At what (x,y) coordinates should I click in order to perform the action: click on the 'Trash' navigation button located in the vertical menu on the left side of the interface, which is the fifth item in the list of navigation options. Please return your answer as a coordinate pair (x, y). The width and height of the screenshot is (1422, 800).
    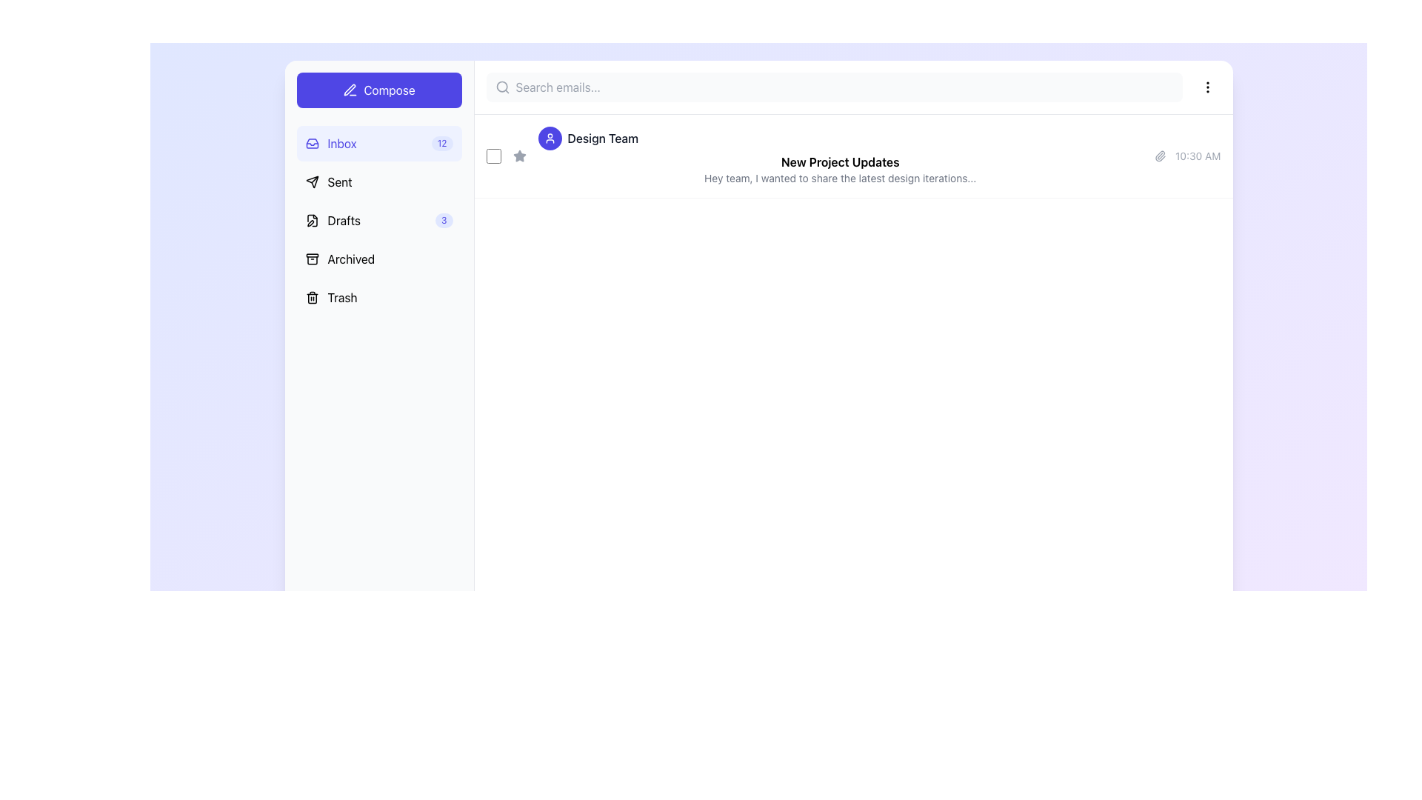
    Looking at the image, I should click on (379, 297).